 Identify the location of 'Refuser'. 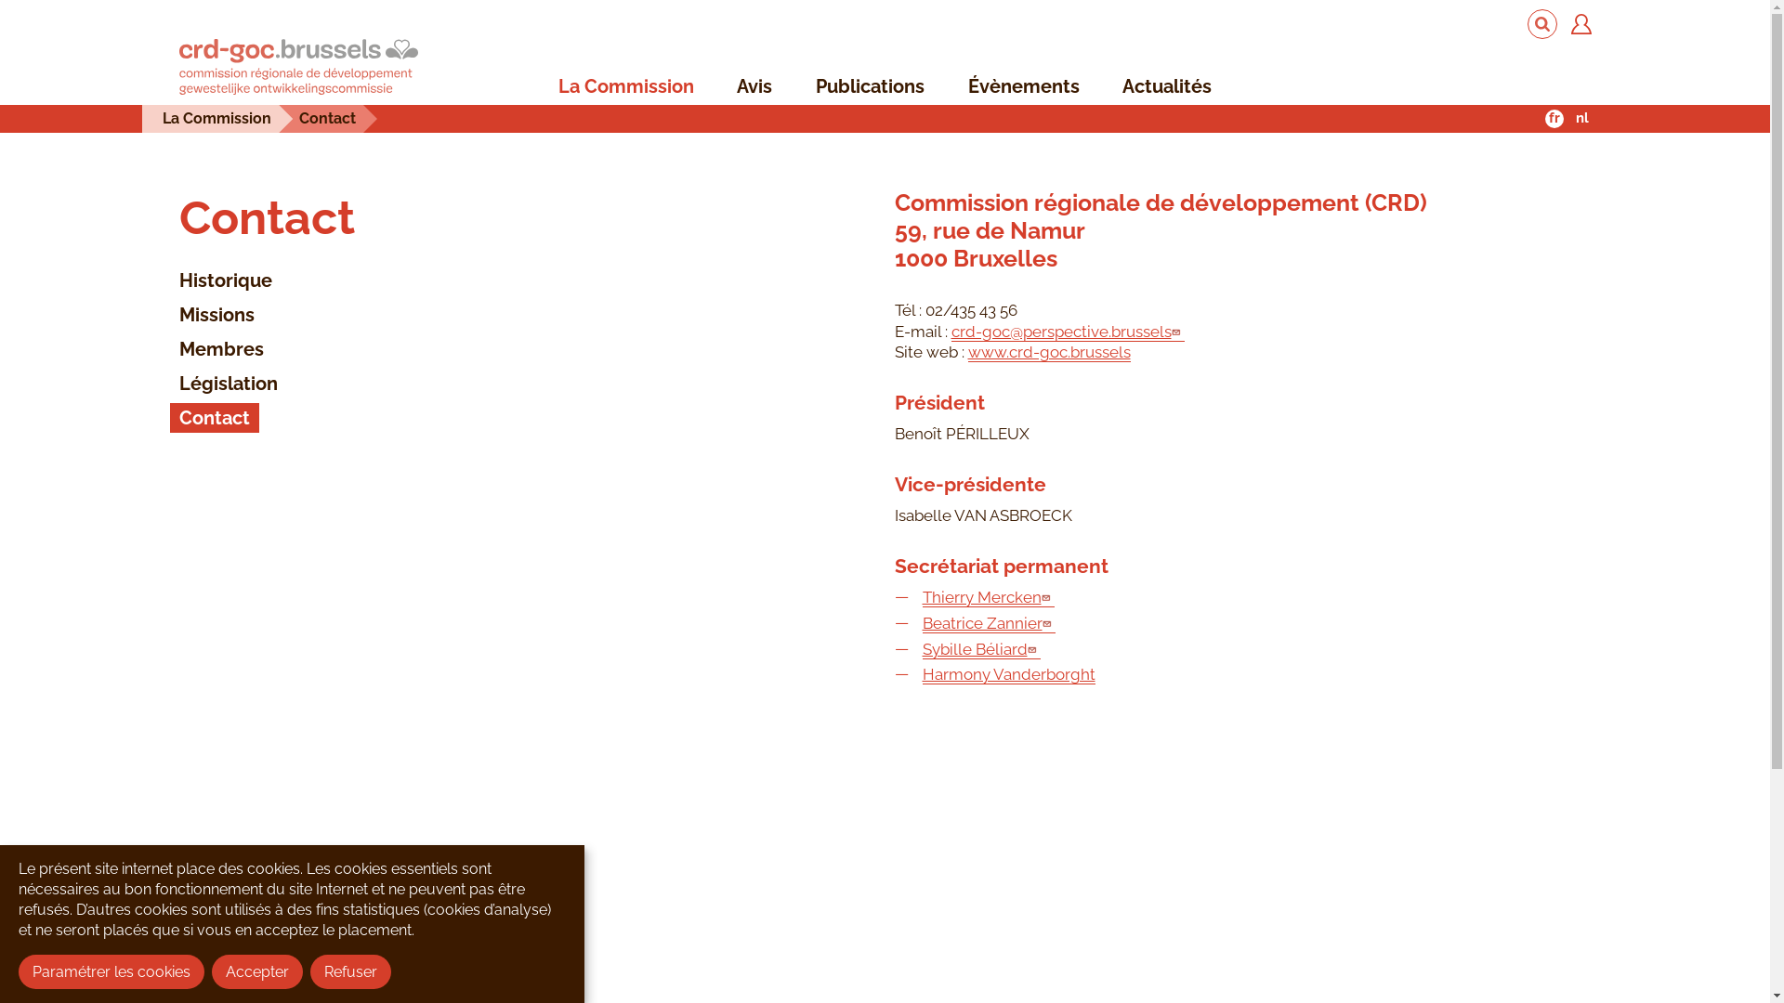
(350, 970).